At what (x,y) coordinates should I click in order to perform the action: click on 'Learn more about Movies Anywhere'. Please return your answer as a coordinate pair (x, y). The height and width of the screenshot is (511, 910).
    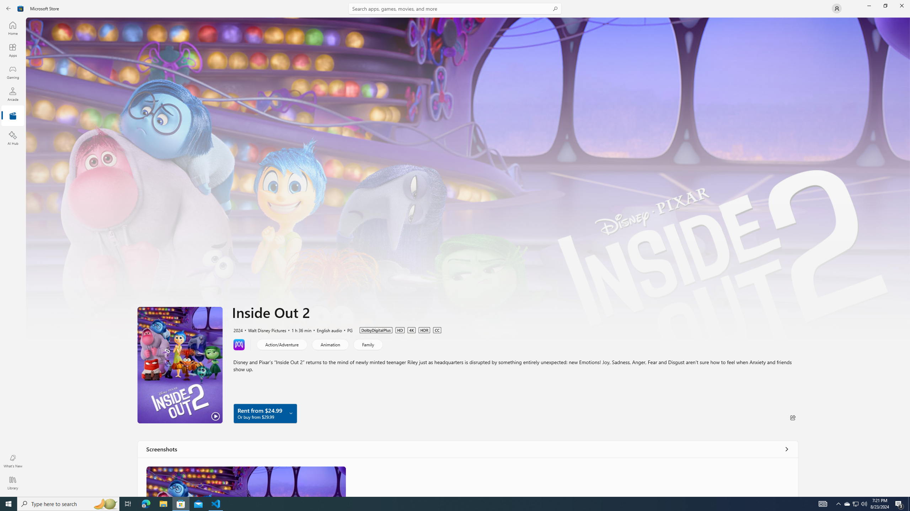
    Looking at the image, I should click on (239, 344).